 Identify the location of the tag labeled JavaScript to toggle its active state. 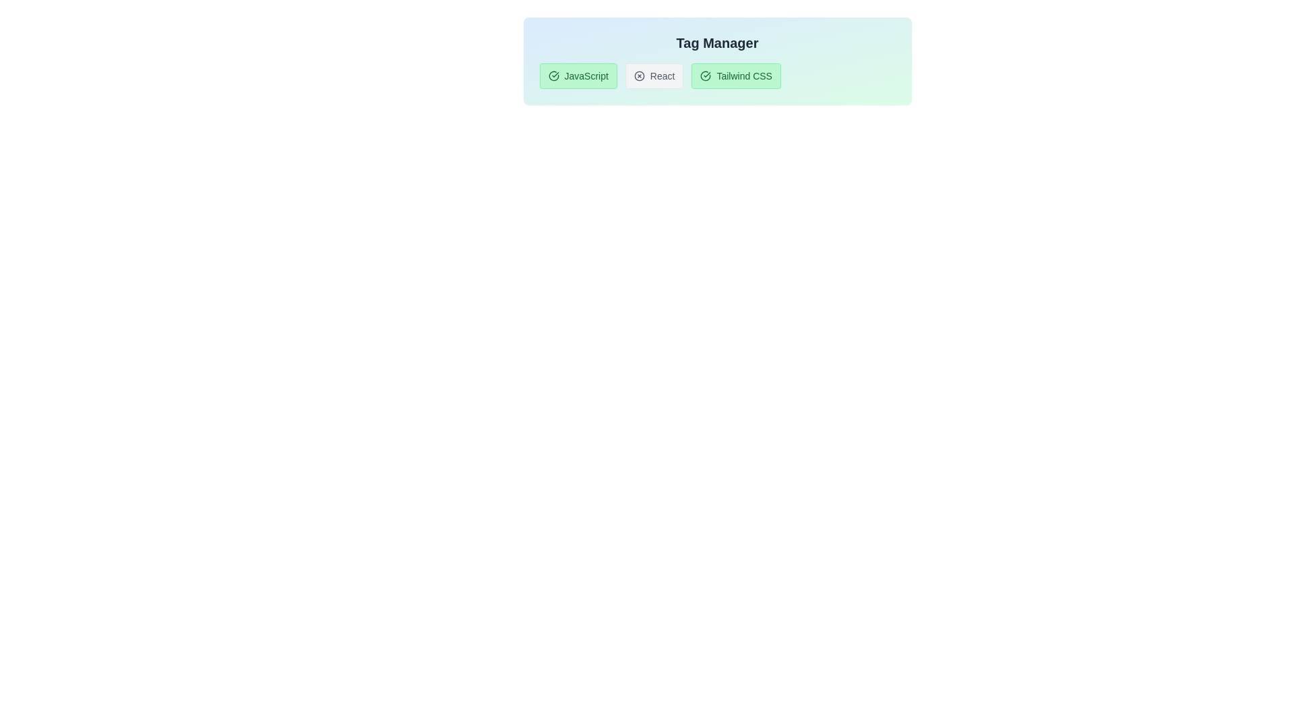
(578, 75).